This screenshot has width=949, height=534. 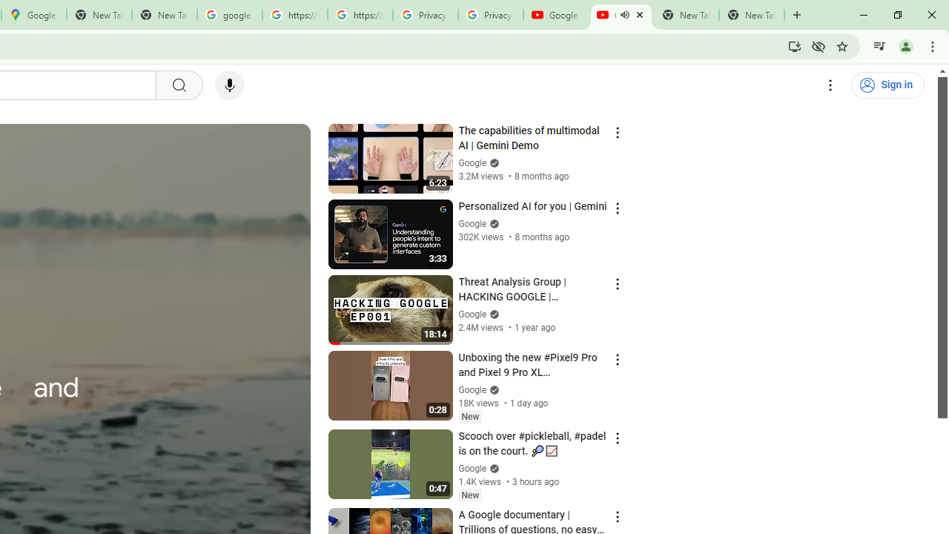 What do you see at coordinates (492, 468) in the screenshot?
I see `'Verified'` at bounding box center [492, 468].